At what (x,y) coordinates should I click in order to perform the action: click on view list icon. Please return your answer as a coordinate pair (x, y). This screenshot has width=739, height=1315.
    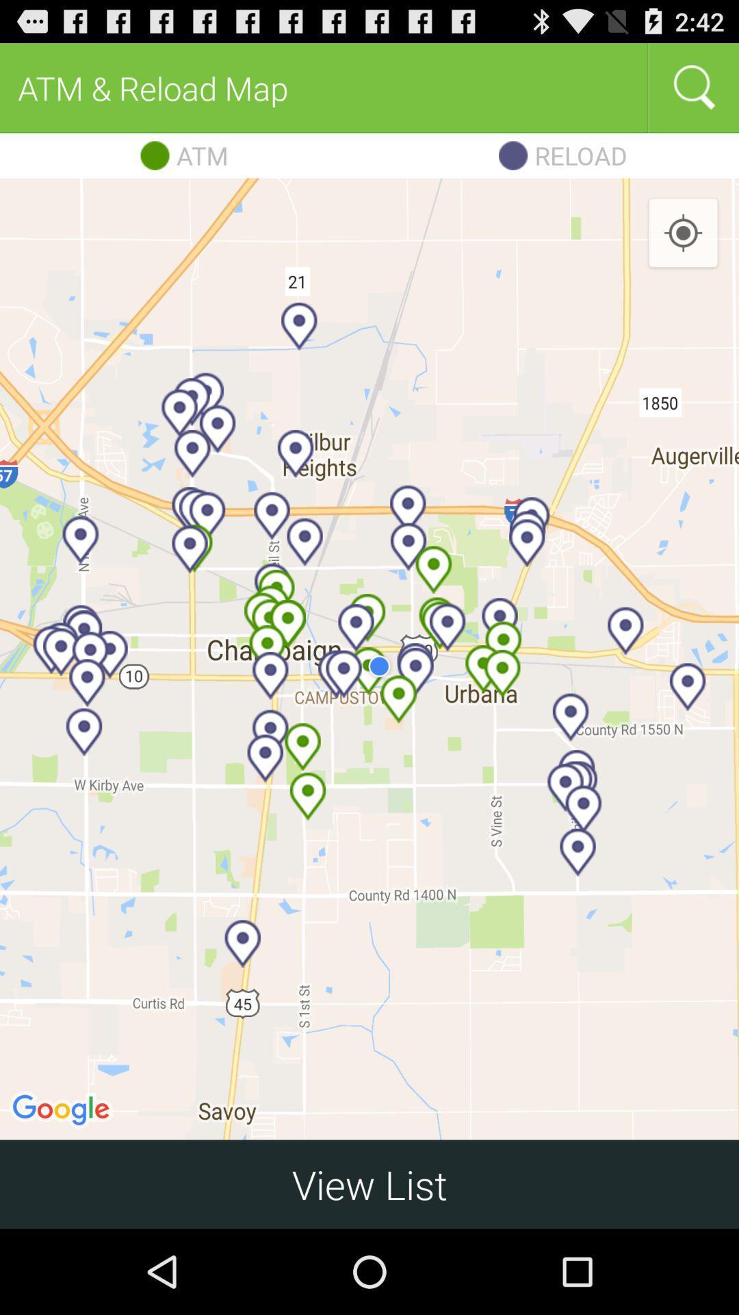
    Looking at the image, I should click on (369, 1183).